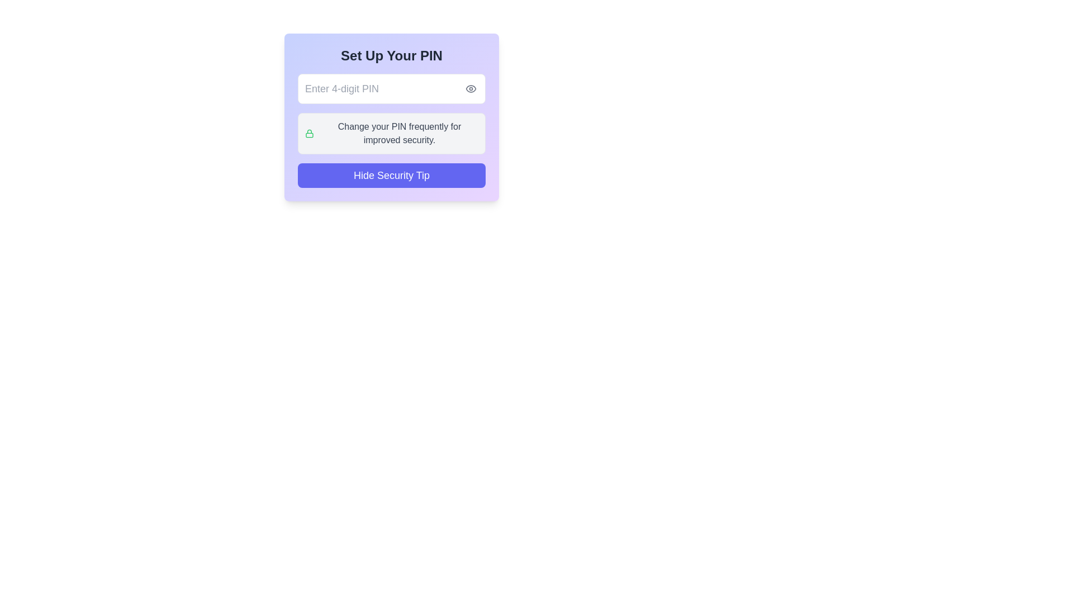 Image resolution: width=1073 pixels, height=604 pixels. Describe the element at coordinates (391, 133) in the screenshot. I see `the informative message box that provides a security tip about changing the PIN regularly, located below the 'Enter 4-digit PIN' input field and above the 'Hide Security Tip' button` at that location.